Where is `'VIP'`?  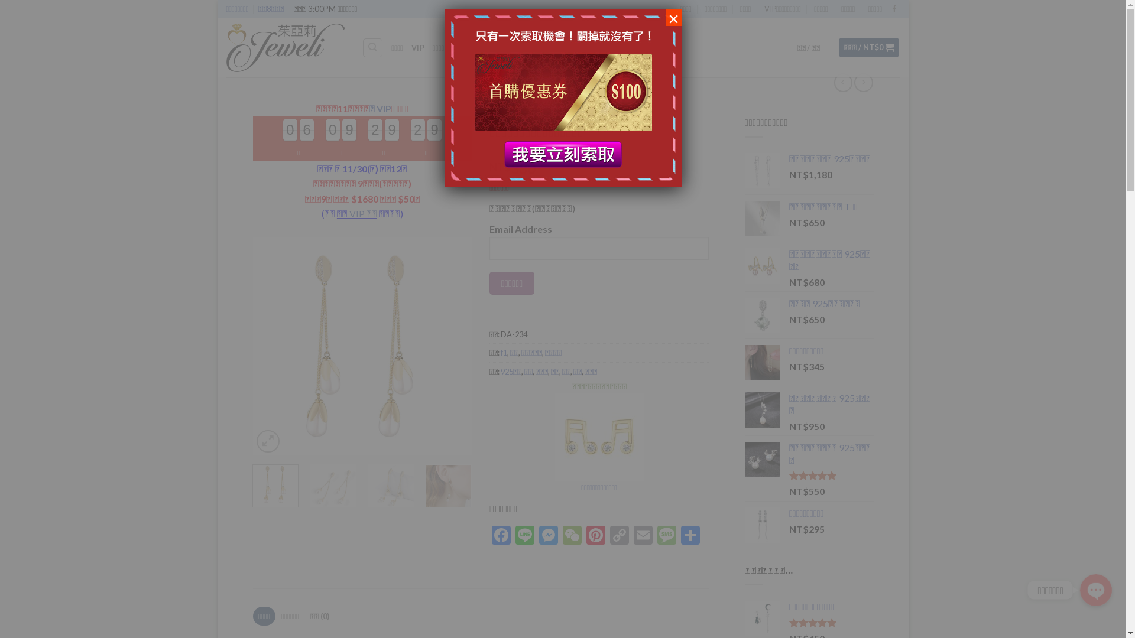 'VIP' is located at coordinates (417, 47).